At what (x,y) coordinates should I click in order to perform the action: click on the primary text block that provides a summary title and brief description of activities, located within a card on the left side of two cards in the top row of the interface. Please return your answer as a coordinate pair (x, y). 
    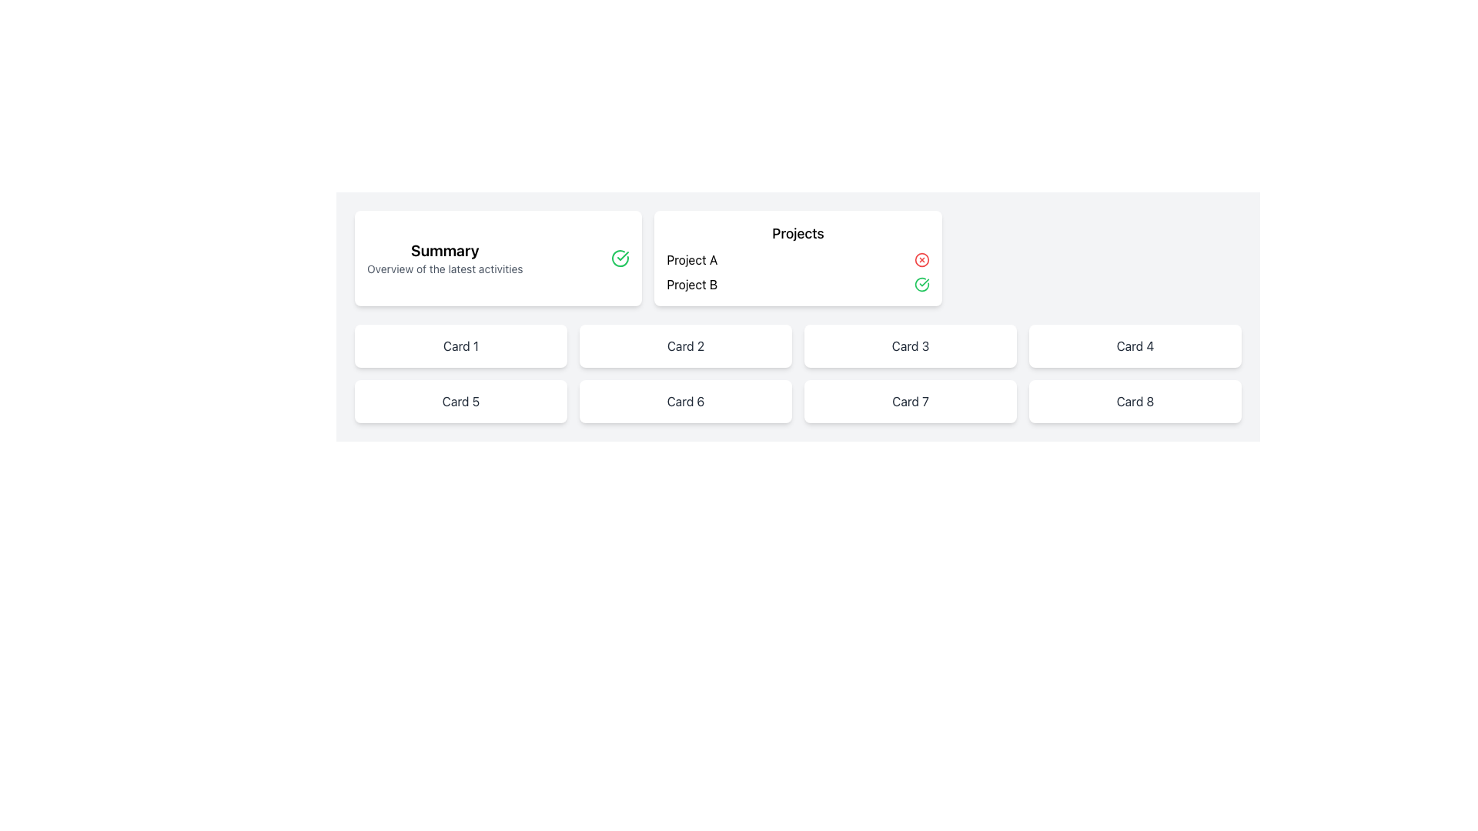
    Looking at the image, I should click on (444, 257).